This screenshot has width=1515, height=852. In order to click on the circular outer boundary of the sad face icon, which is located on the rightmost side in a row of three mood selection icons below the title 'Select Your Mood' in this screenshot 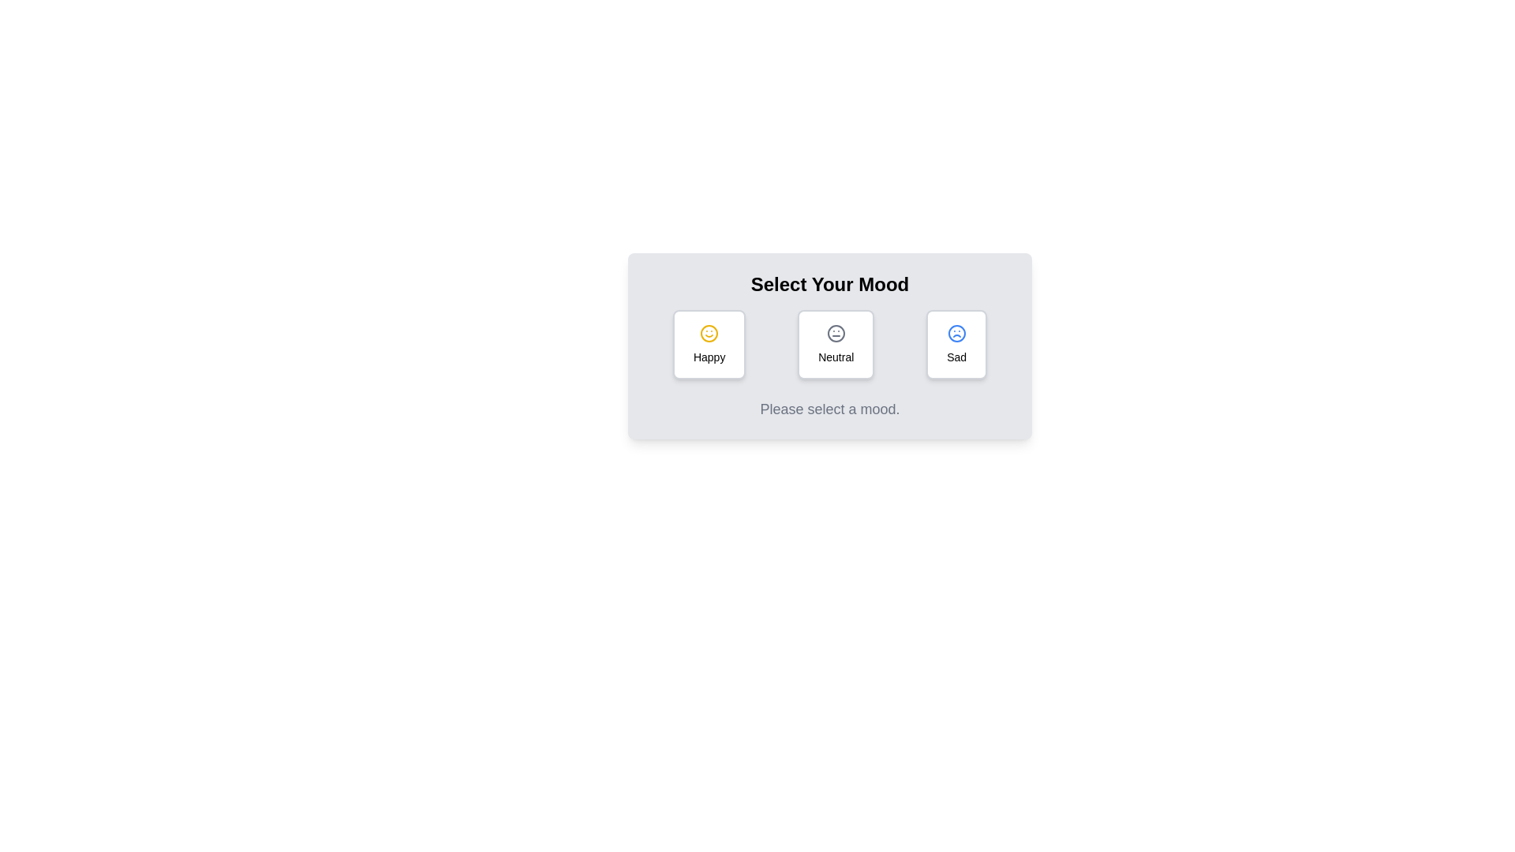, I will do `click(956, 333)`.